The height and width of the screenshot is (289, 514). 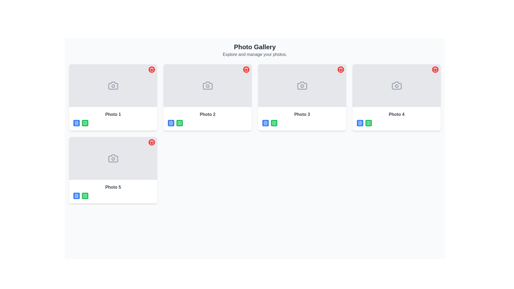 I want to click on the square icon with rounded corners located under the photo preview area for 'Photo 3', so click(x=274, y=123).